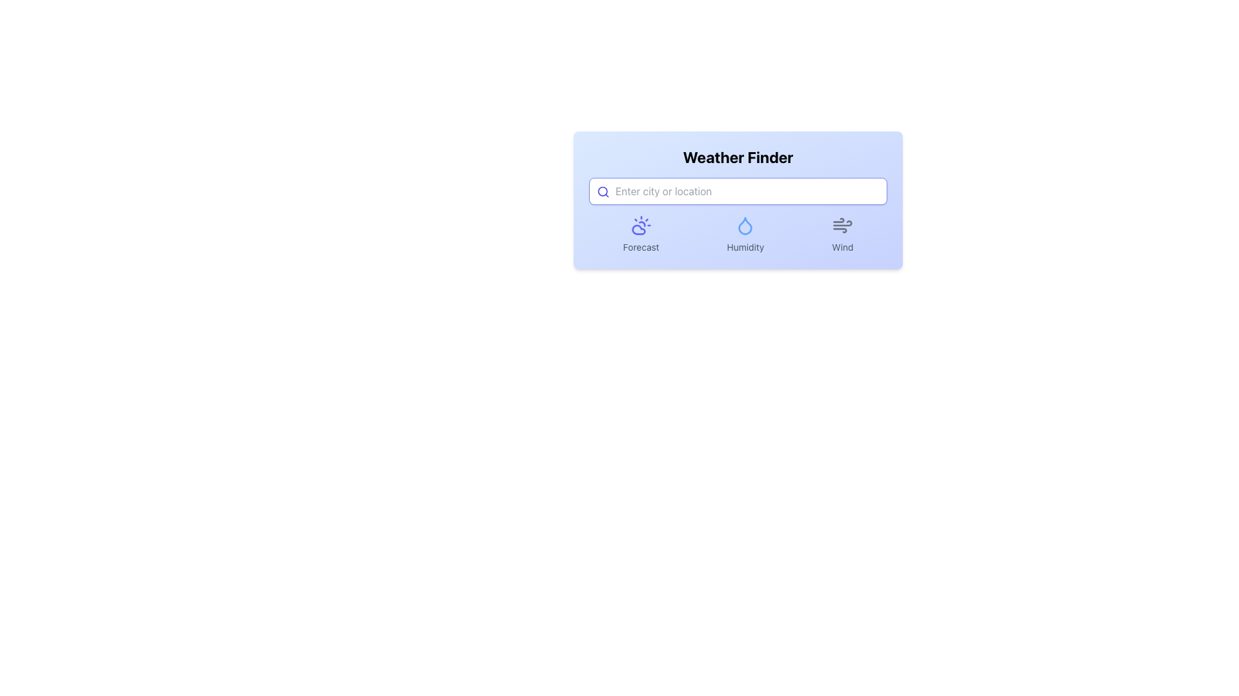 This screenshot has width=1239, height=696. What do you see at coordinates (641, 234) in the screenshot?
I see `the information displayed in the Label with Icon that features a cloud and sun icon above the text 'Forecast'. This element is the first panel in a series of three, positioned to the left of the 'Humidity' and 'Wind' panels` at bounding box center [641, 234].